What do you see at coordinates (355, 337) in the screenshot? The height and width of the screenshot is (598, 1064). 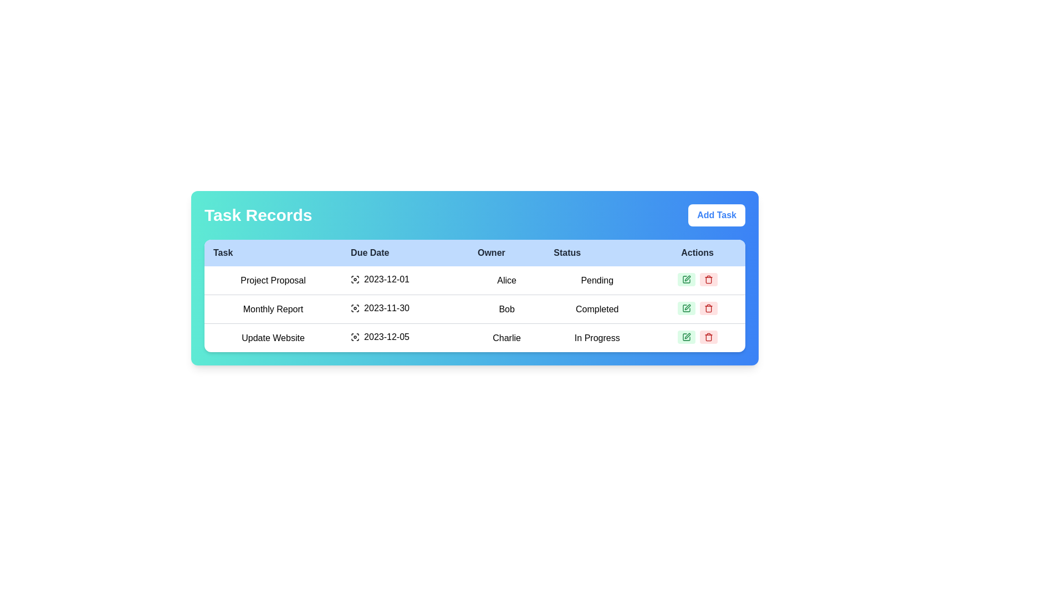 I see `the SVG icon located in the 'Due Date' column of the last row for the task 'Update Website', positioned to the left of the text '2023-12-05'` at bounding box center [355, 337].